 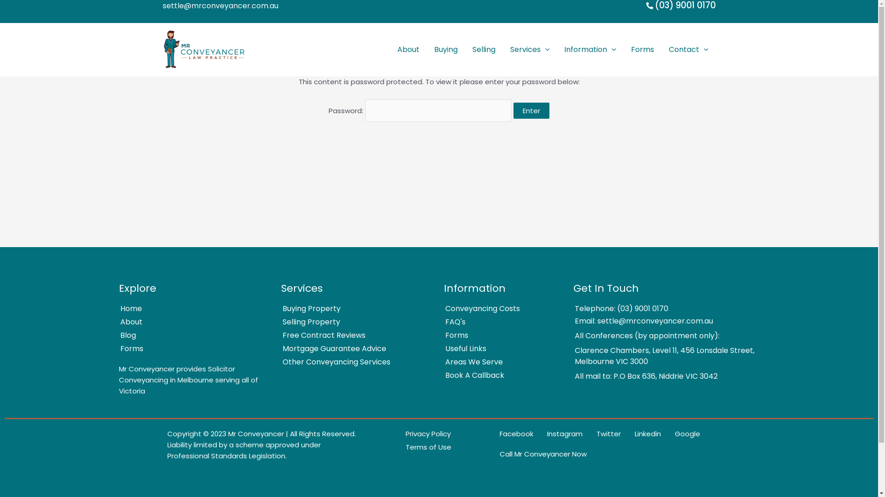 What do you see at coordinates (352, 335) in the screenshot?
I see `'Free Contract Reviews'` at bounding box center [352, 335].